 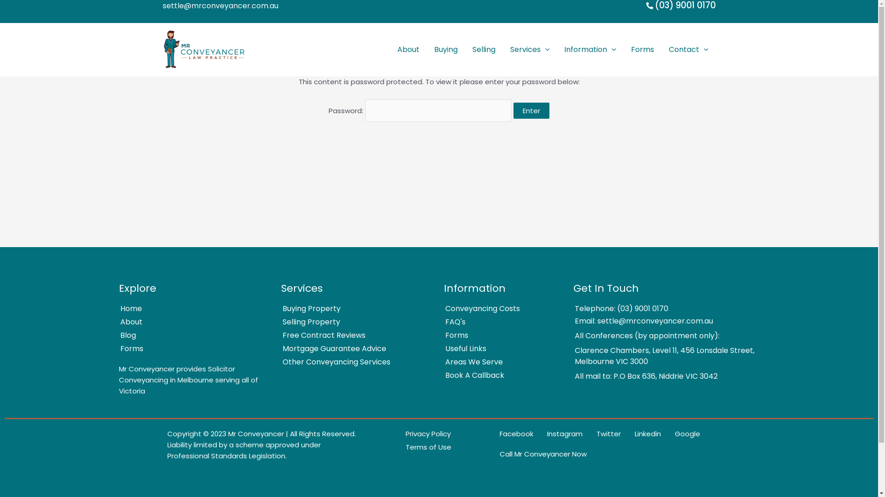 What do you see at coordinates (352, 335) in the screenshot?
I see `'Free Contract Reviews'` at bounding box center [352, 335].